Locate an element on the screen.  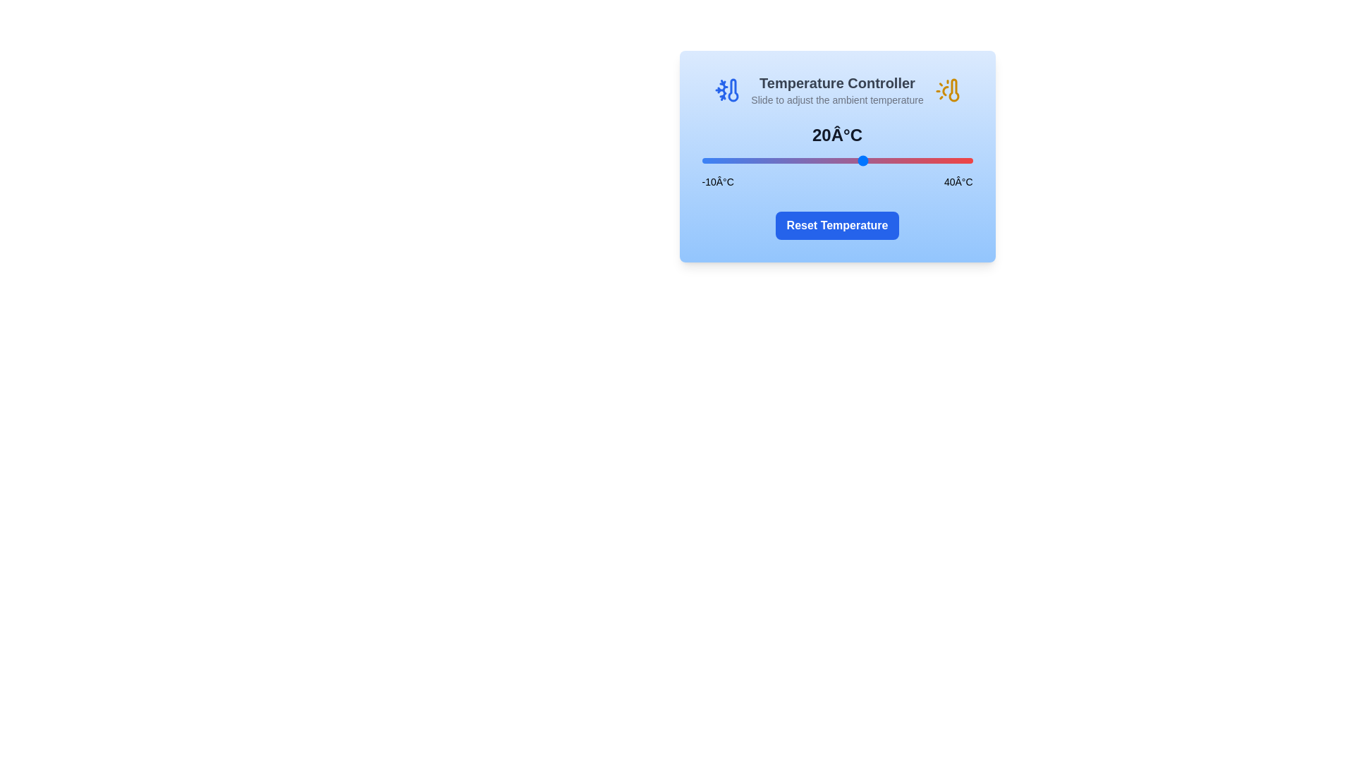
temperature value displayed as '20°C' in bold gray text, which is centered above the temperature slider is located at coordinates (837, 135).